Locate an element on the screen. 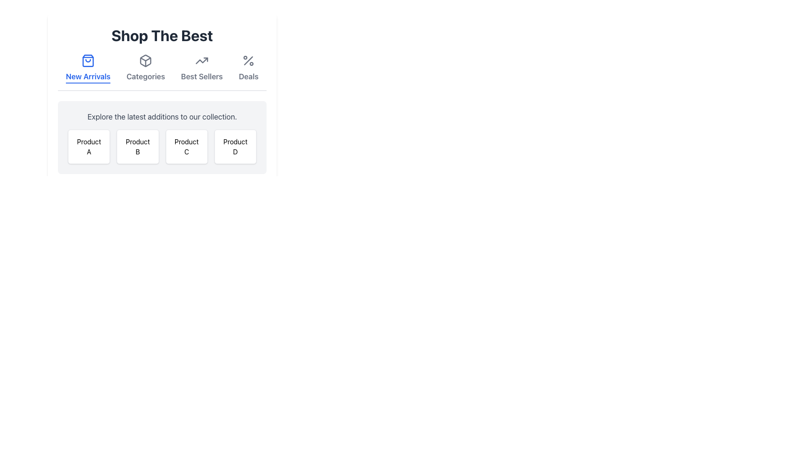 Image resolution: width=806 pixels, height=453 pixels. the static text label that displays the message 'Explore the latest additions to our collection.' which is styled in gray color and positioned above the product cards is located at coordinates (162, 117).